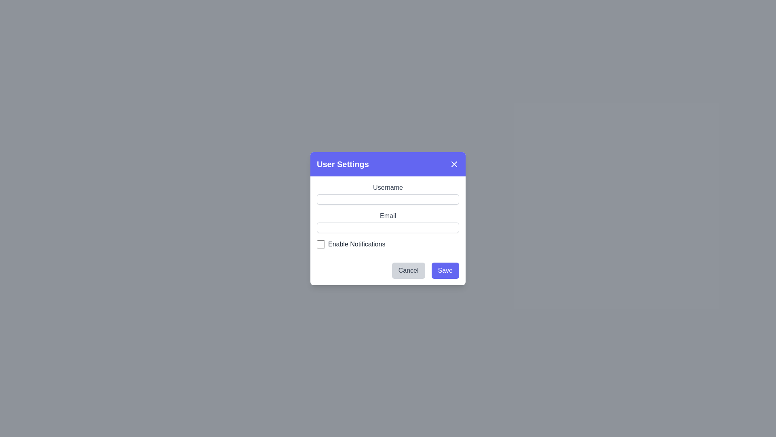 This screenshot has height=437, width=776. Describe the element at coordinates (408, 270) in the screenshot. I see `the 'Cancel' button, which is a rectangular button with gray text on a light gray background, located in the bottom left of the modal window adjacent to the 'Save' button` at that location.